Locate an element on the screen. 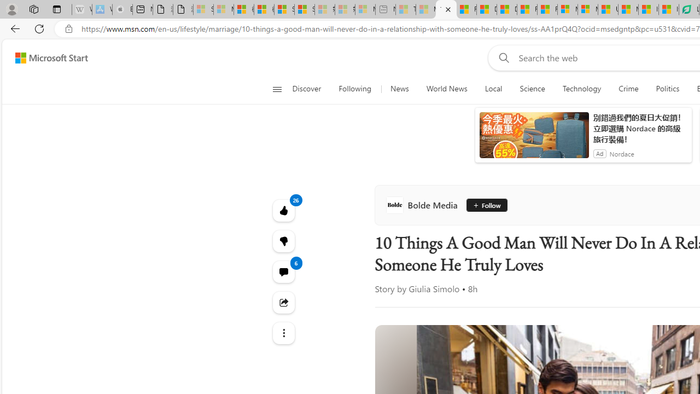 The height and width of the screenshot is (394, 700). 'Technology' is located at coordinates (581, 89).